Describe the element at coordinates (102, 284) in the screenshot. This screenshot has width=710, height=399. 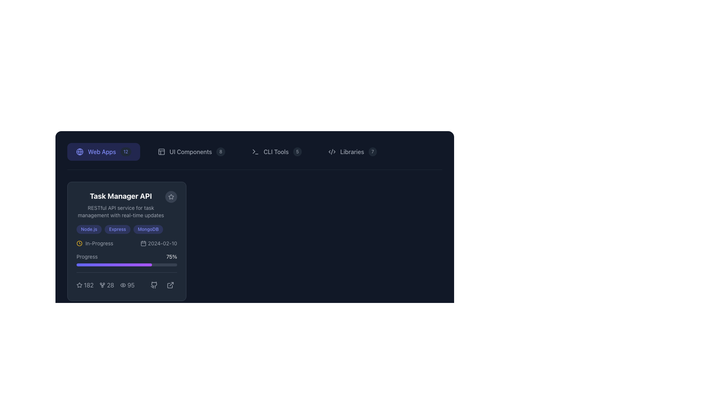
I see `the fork icon, which is styled with a thin gray line stroke and is positioned to the left of the numeric value '28'` at that location.